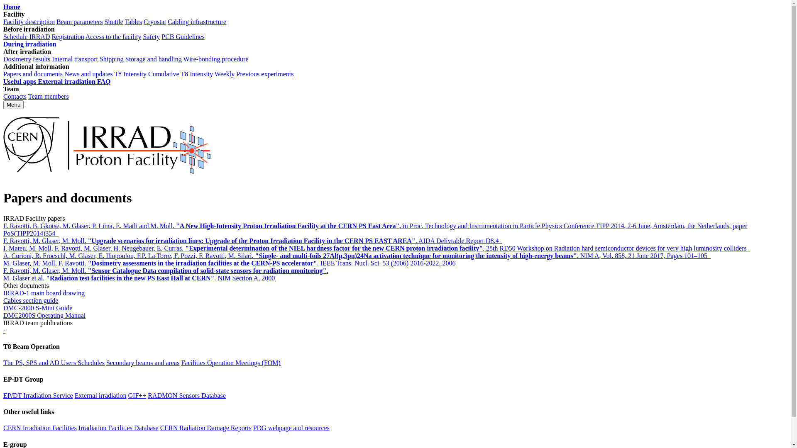  Describe the element at coordinates (53, 362) in the screenshot. I see `'The PS, SPS and AD Users Schedules'` at that location.